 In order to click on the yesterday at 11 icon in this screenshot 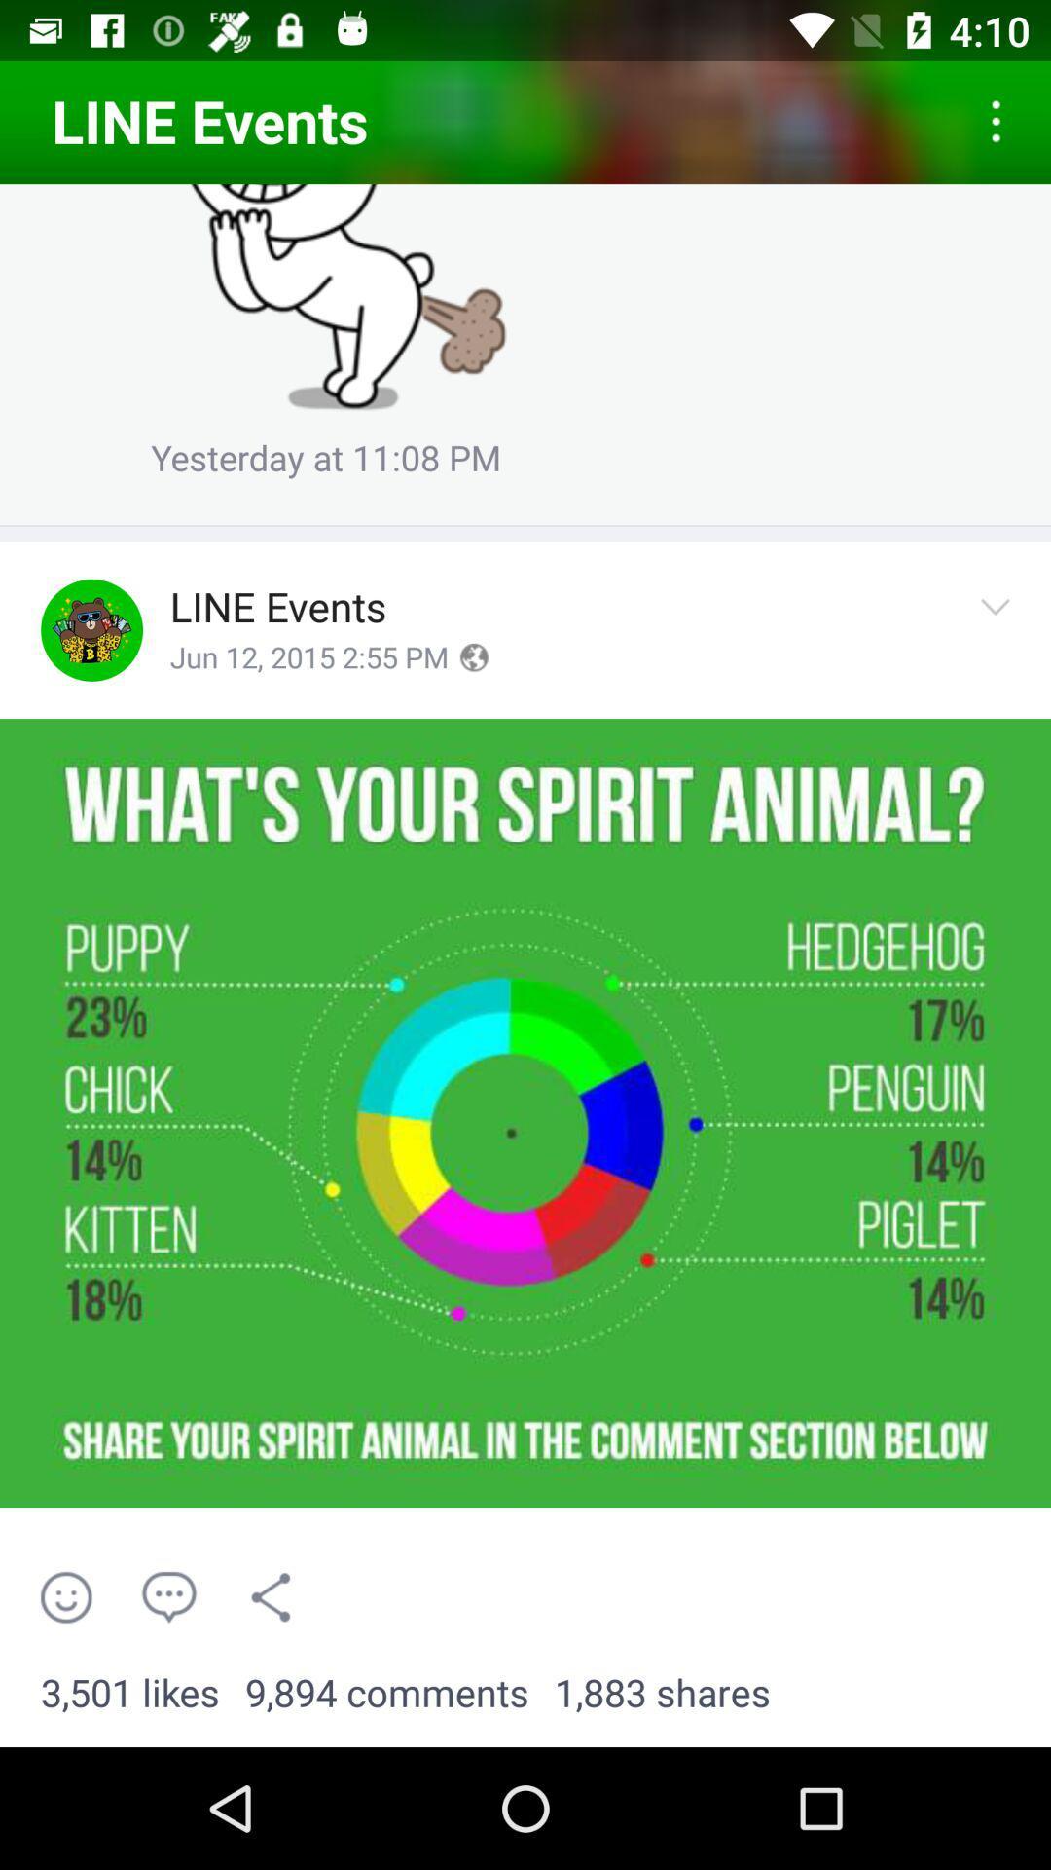, I will do `click(325, 465)`.